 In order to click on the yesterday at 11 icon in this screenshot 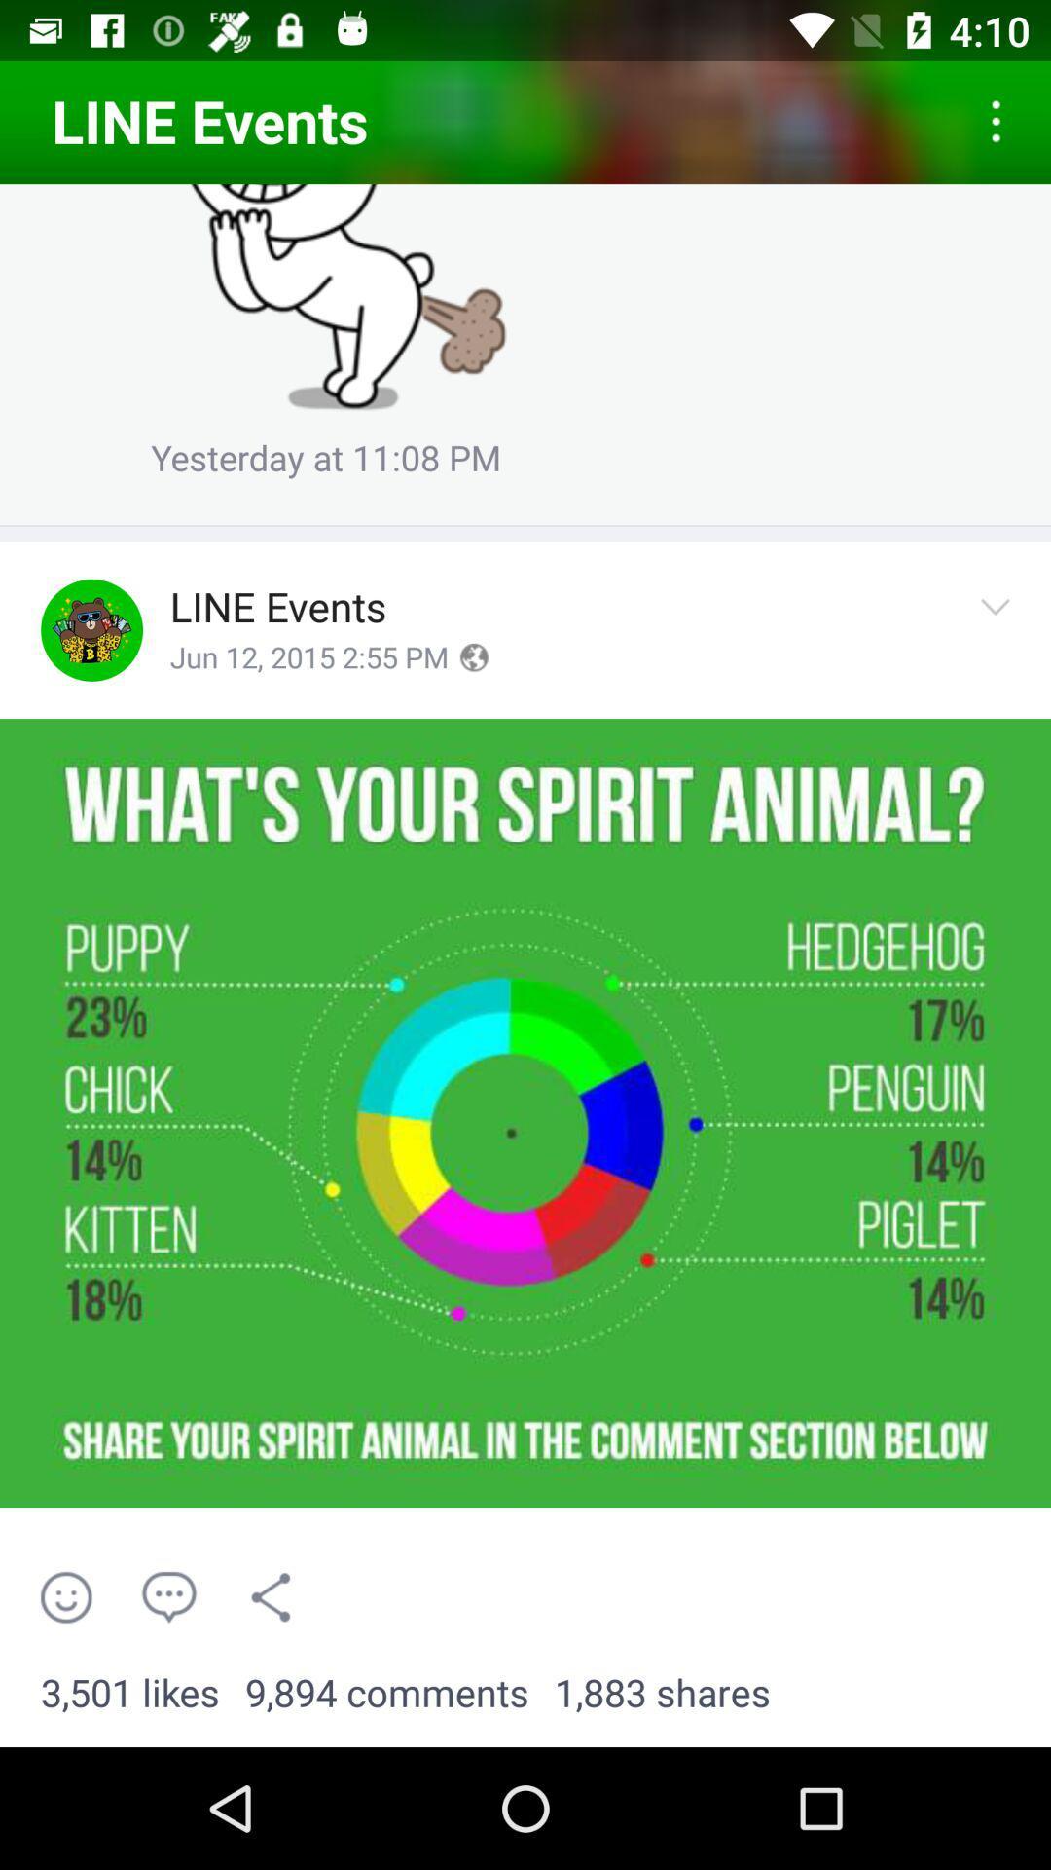, I will do `click(325, 465)`.